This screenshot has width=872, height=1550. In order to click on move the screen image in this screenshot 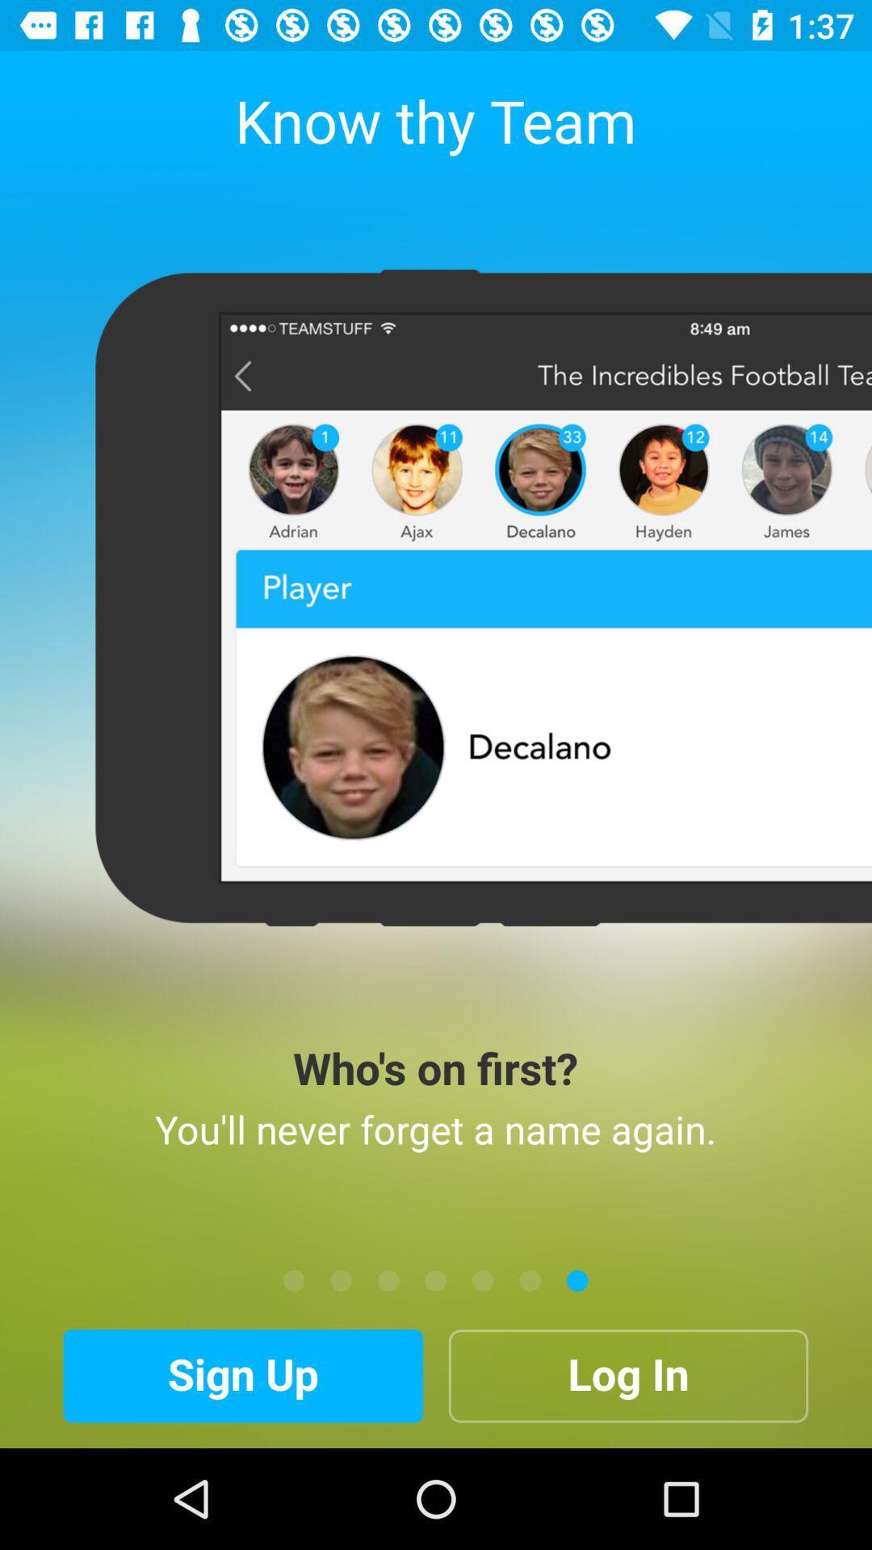, I will do `click(436, 1280)`.